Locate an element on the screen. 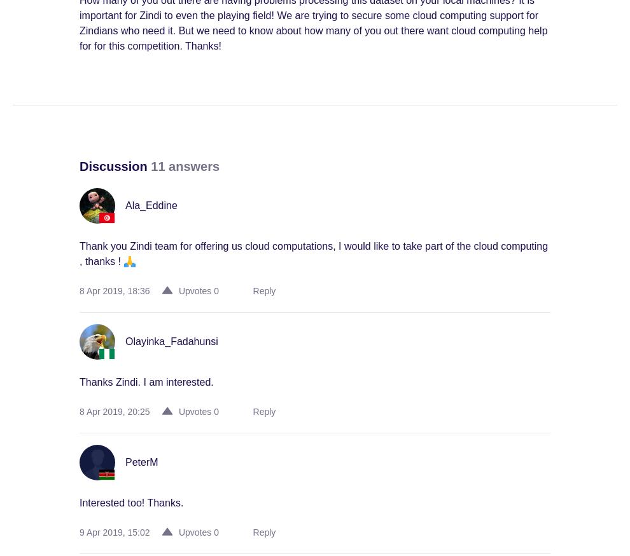 The image size is (630, 556). '9 Apr 2019, 15:02' is located at coordinates (114, 532).